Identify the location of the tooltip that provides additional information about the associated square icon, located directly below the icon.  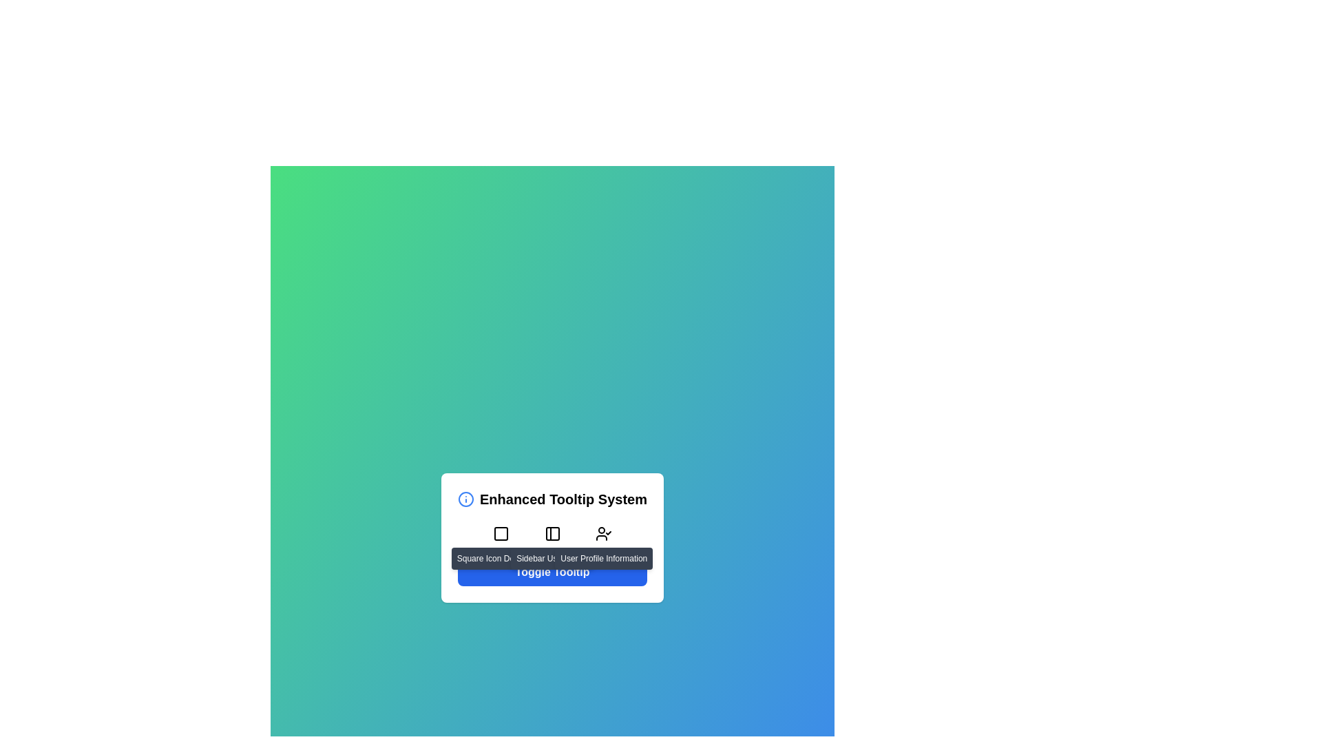
(500, 558).